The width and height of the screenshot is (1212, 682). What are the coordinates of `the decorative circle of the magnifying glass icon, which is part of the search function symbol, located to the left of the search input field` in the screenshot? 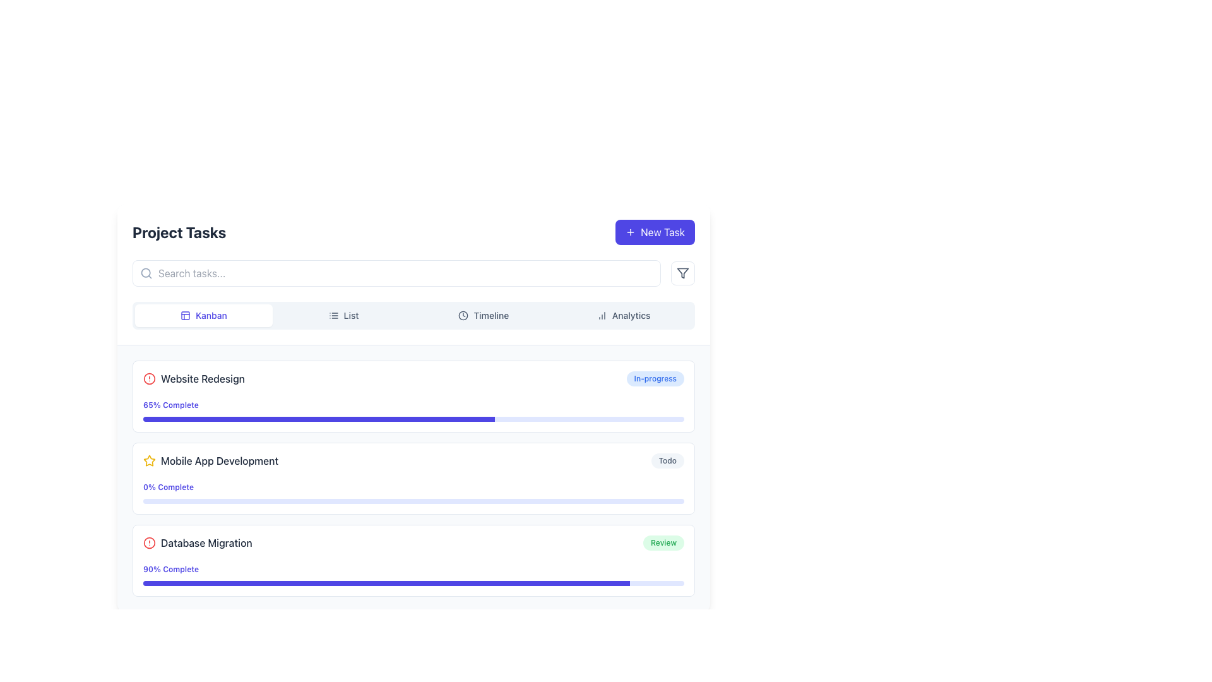 It's located at (146, 272).